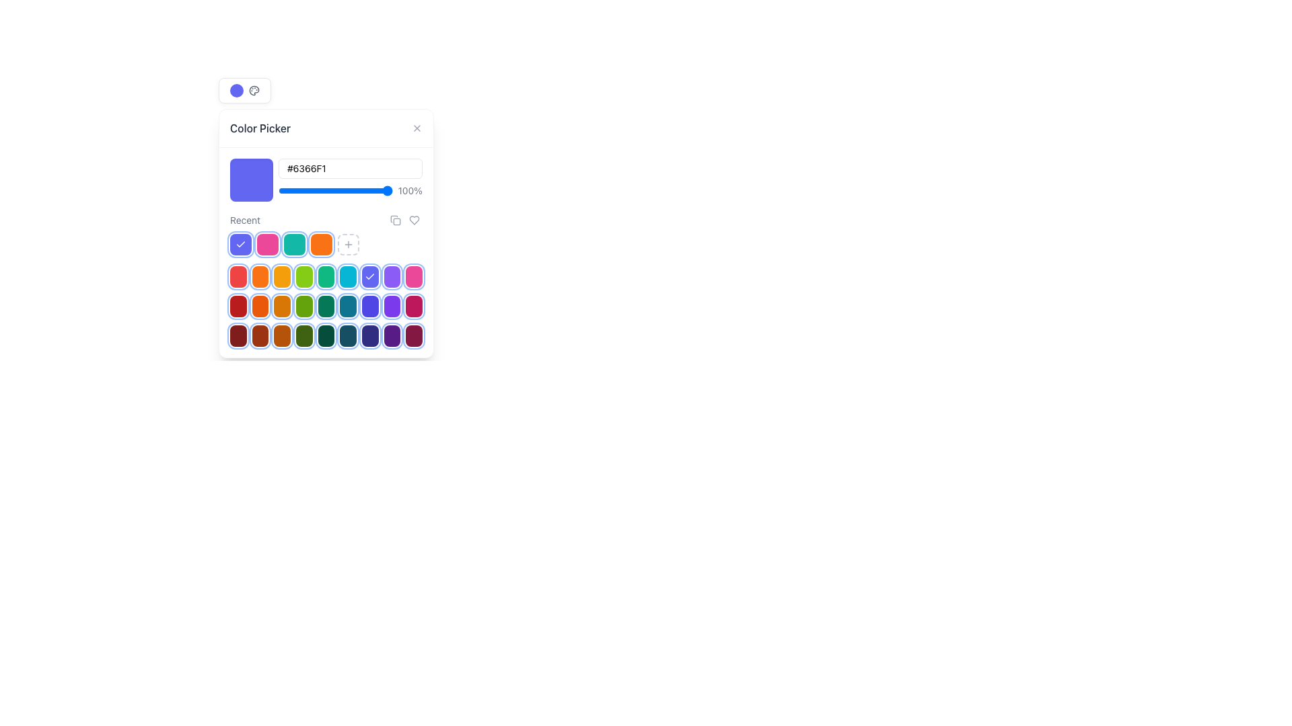  I want to click on the sixth color selection tile in the color picker interface, so click(348, 276).